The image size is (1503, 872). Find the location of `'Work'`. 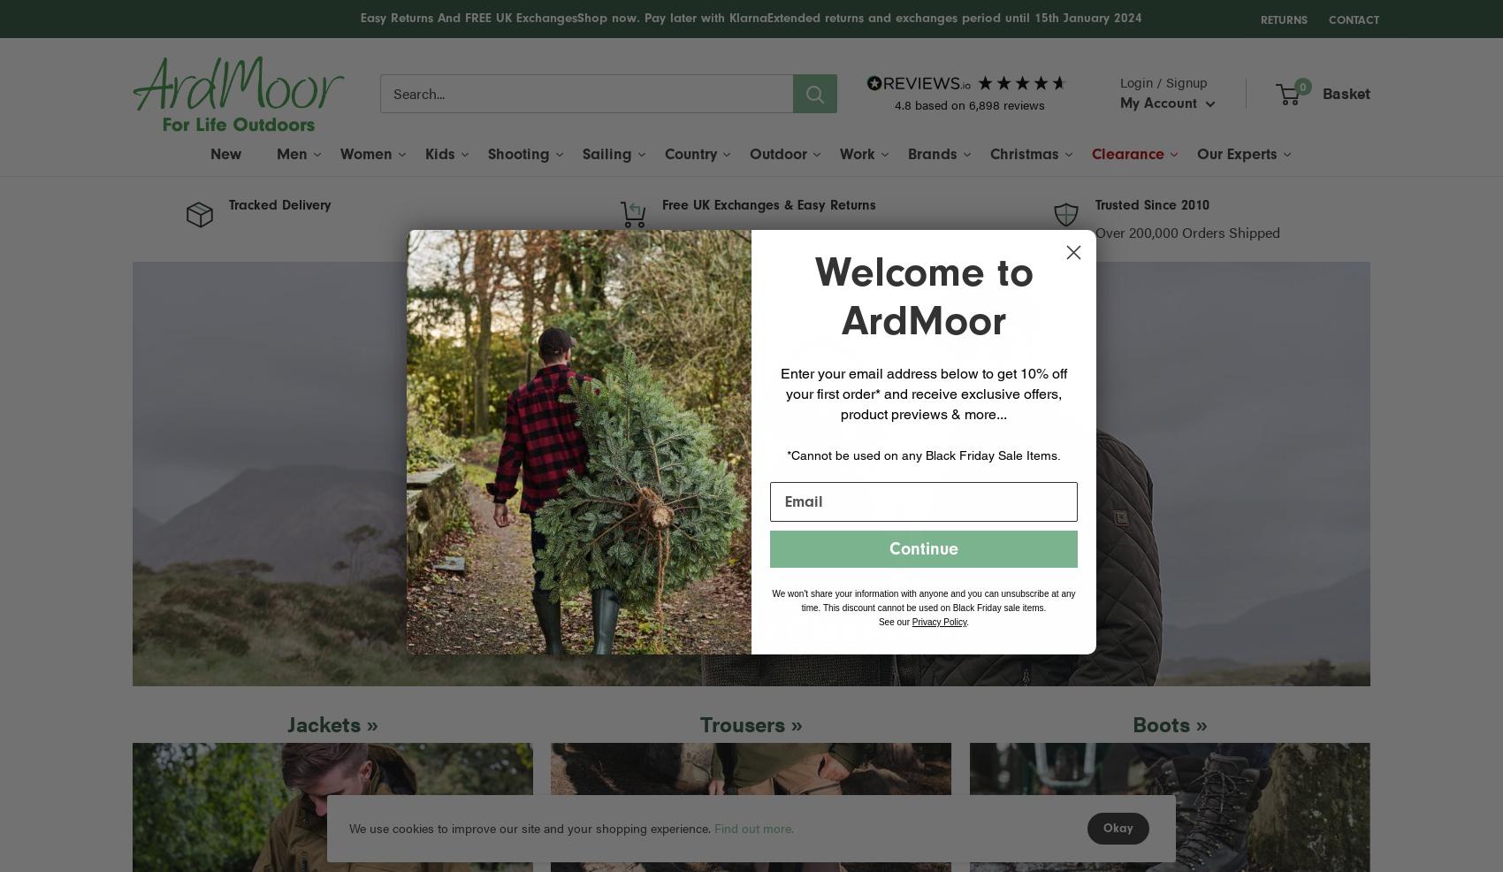

'Work' is located at coordinates (857, 152).